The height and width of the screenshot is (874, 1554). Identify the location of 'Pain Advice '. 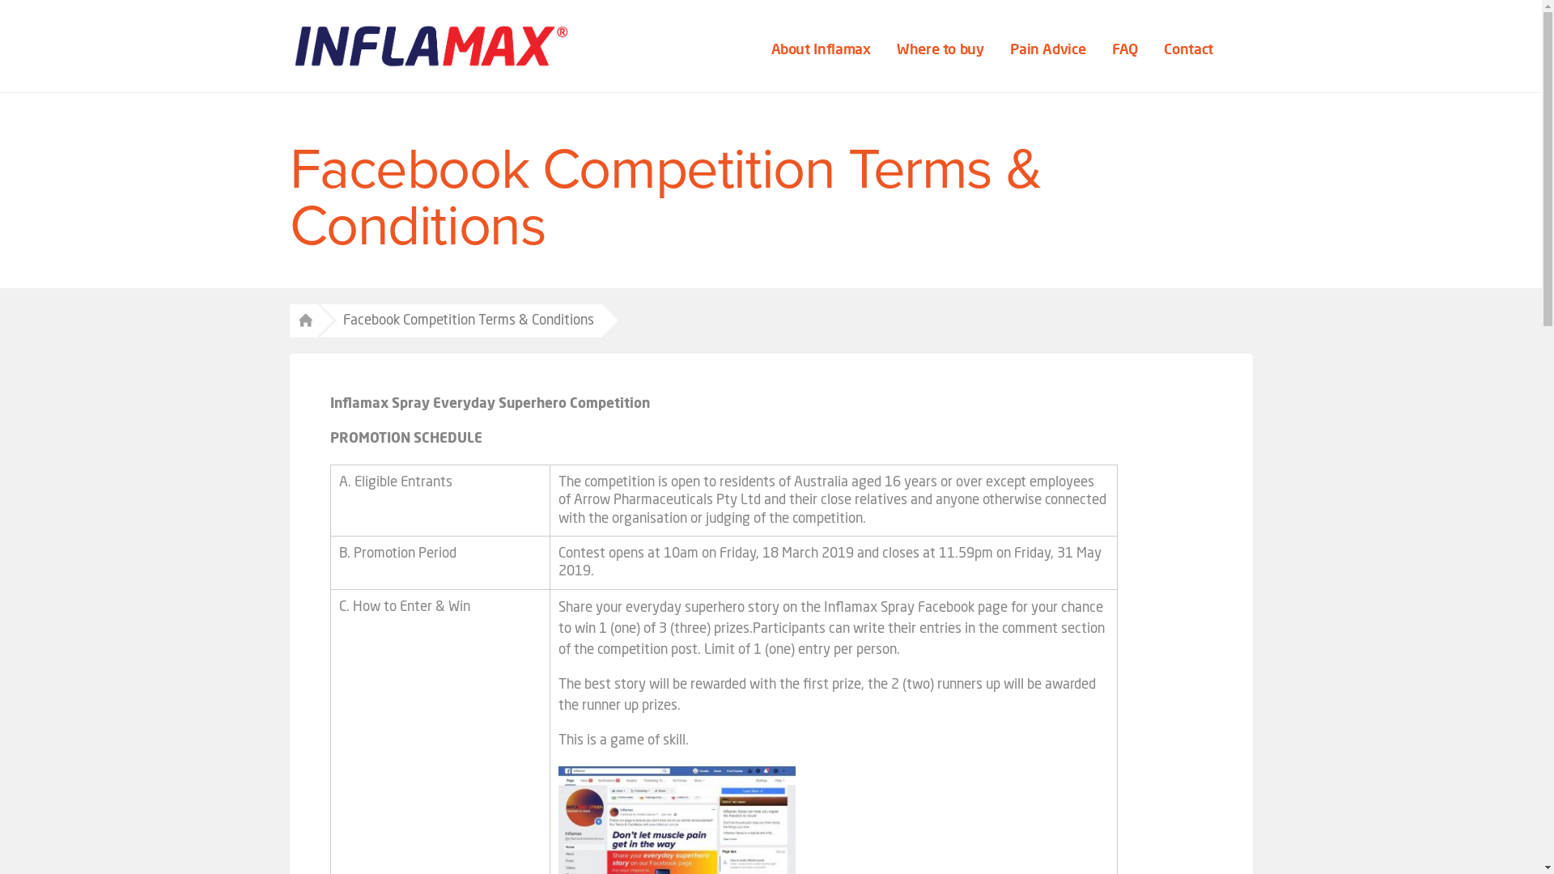
(1049, 49).